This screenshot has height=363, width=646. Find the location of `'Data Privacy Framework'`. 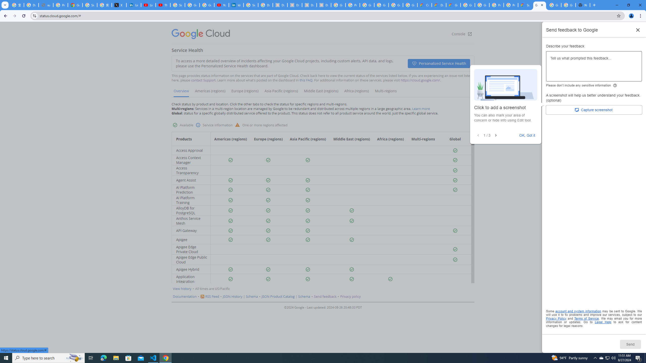

'Data Privacy Framework' is located at coordinates (309, 5).